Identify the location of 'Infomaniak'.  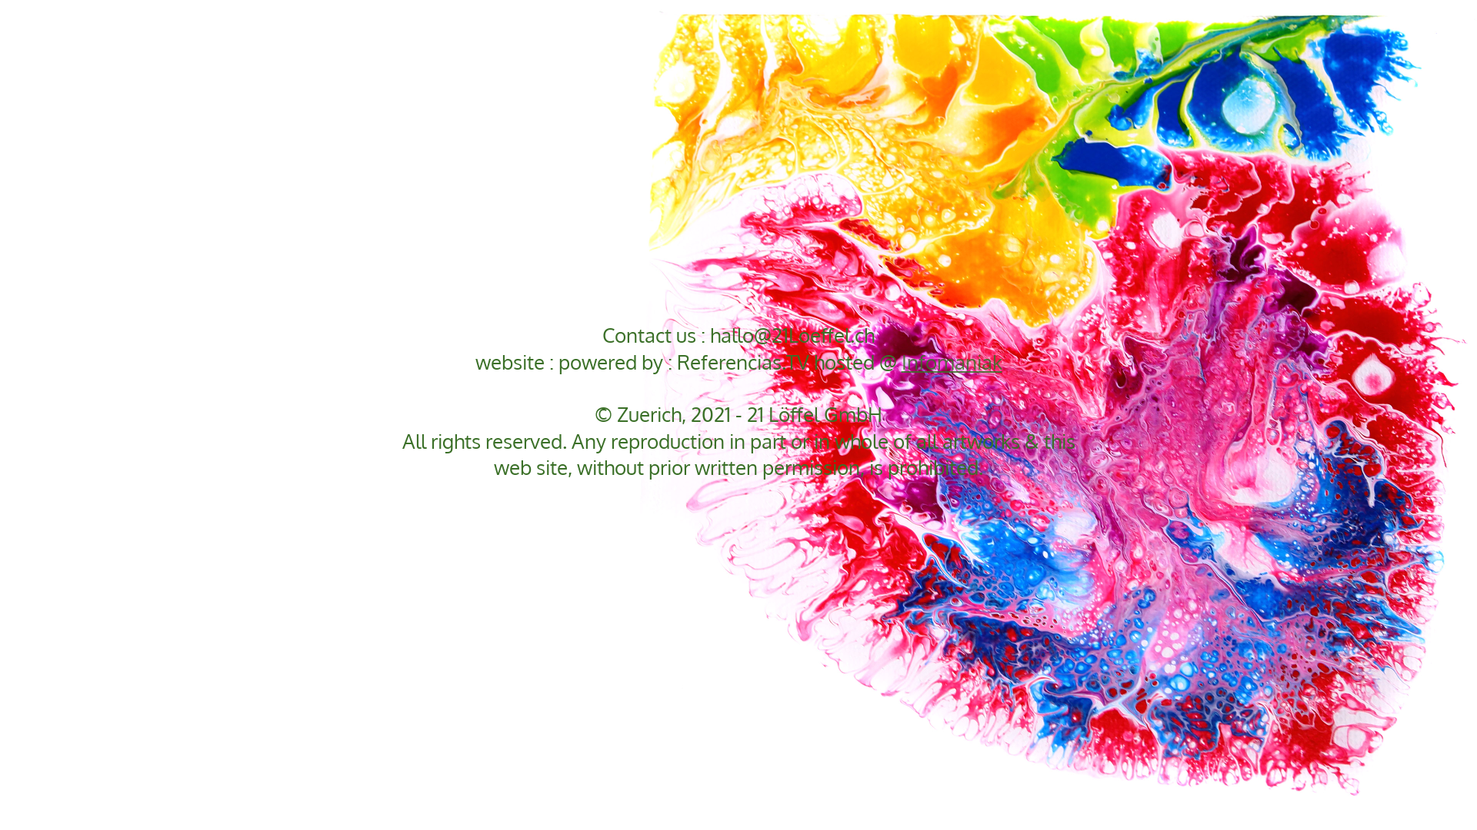
(951, 361).